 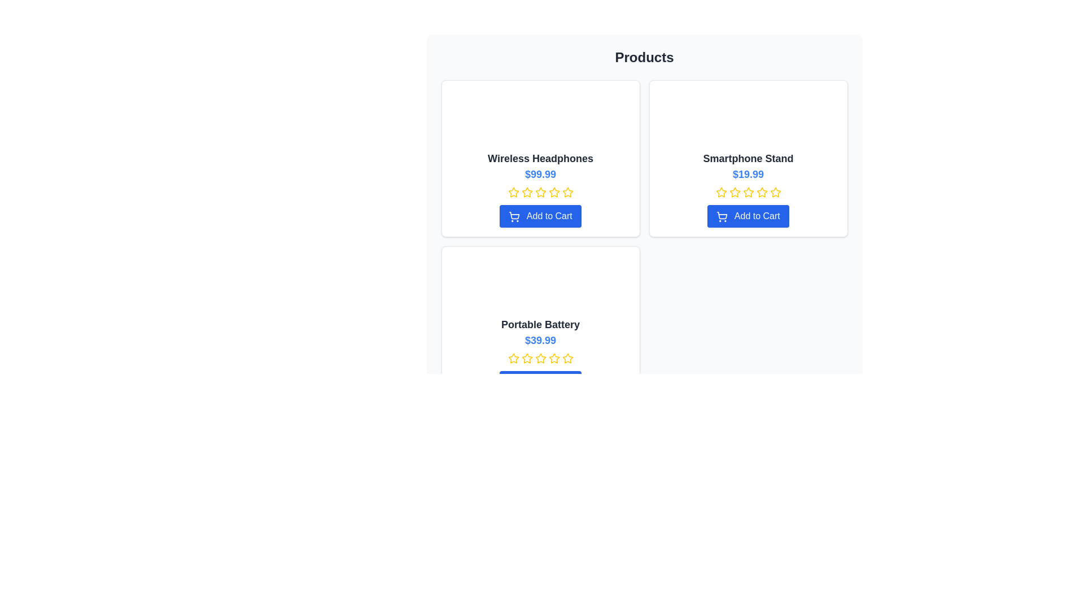 What do you see at coordinates (735, 191) in the screenshot?
I see `the second star icon in the rating mechanism beneath the '$19.99' price label for the 'Smartphone Stand'` at bounding box center [735, 191].